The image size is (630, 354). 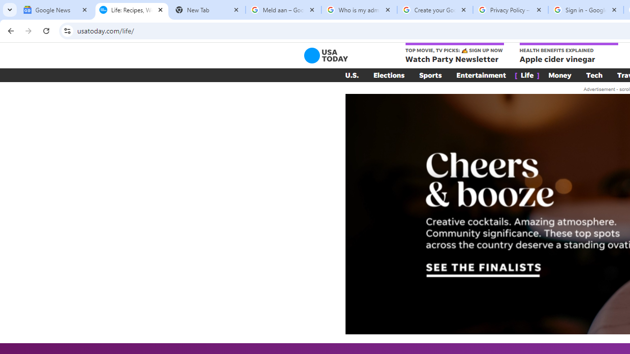 What do you see at coordinates (9, 30) in the screenshot?
I see `'Back'` at bounding box center [9, 30].